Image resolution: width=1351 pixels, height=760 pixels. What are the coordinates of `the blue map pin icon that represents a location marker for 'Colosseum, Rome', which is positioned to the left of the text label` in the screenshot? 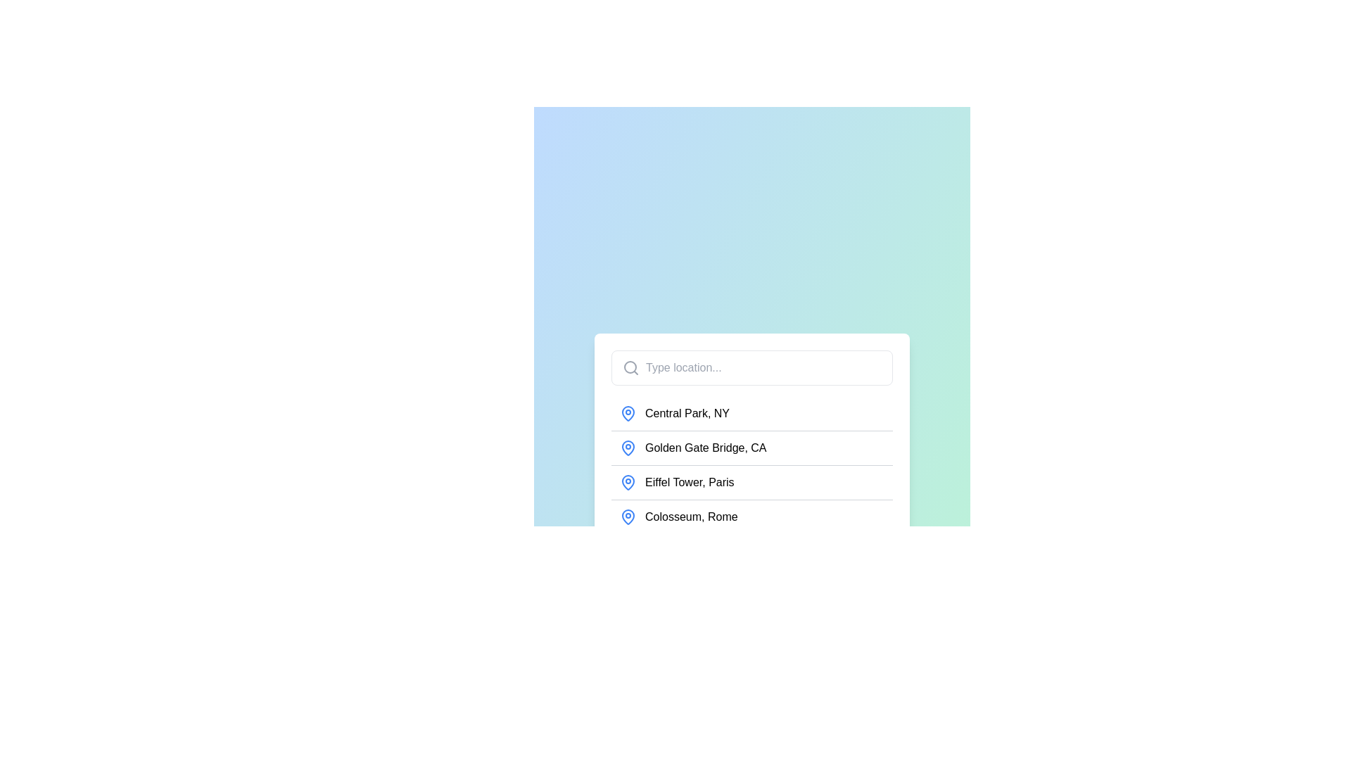 It's located at (627, 517).